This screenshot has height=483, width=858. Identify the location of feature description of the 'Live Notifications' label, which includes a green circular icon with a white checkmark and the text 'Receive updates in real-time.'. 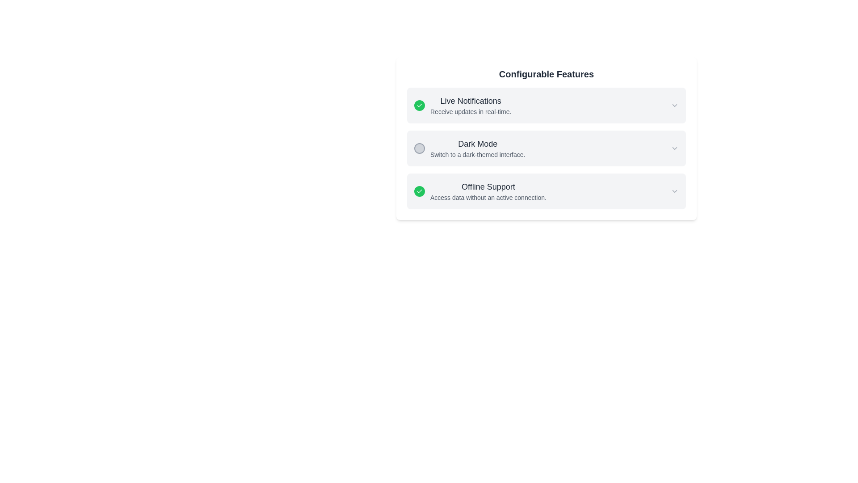
(463, 105).